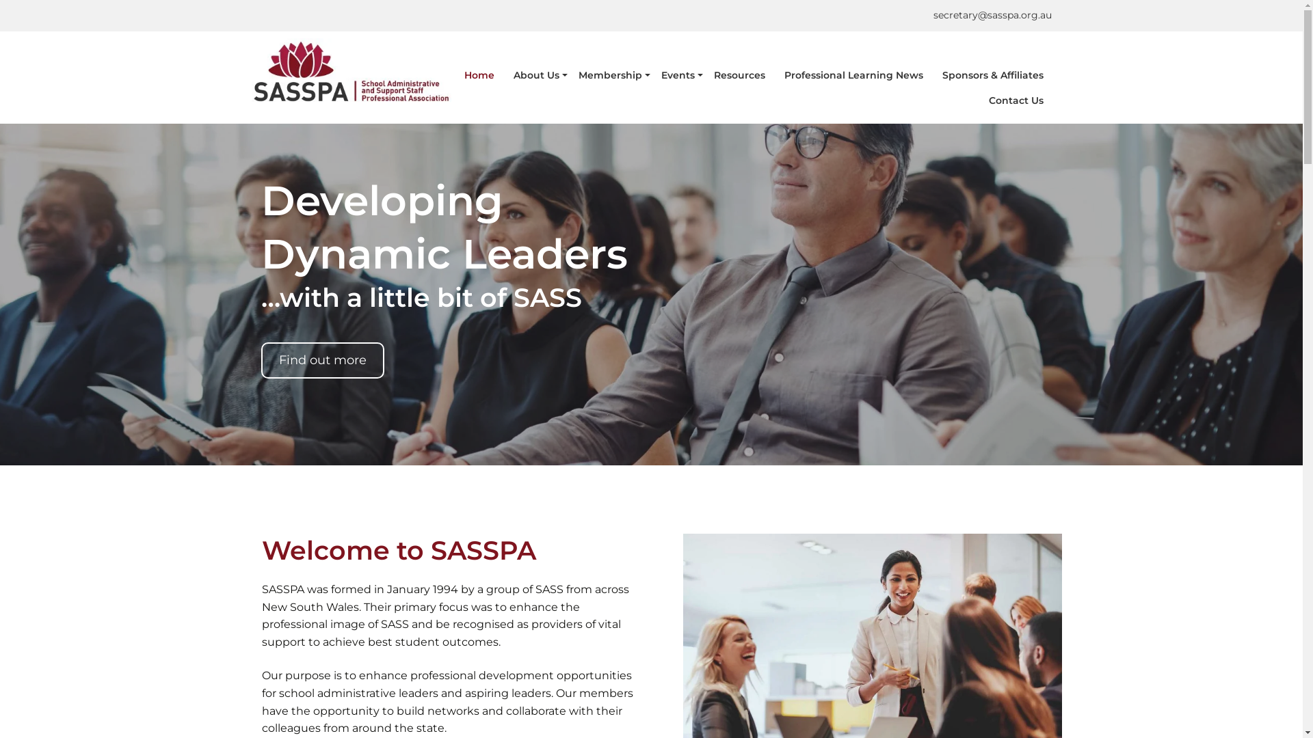 Image resolution: width=1313 pixels, height=738 pixels. I want to click on 'About Us', so click(535, 75).